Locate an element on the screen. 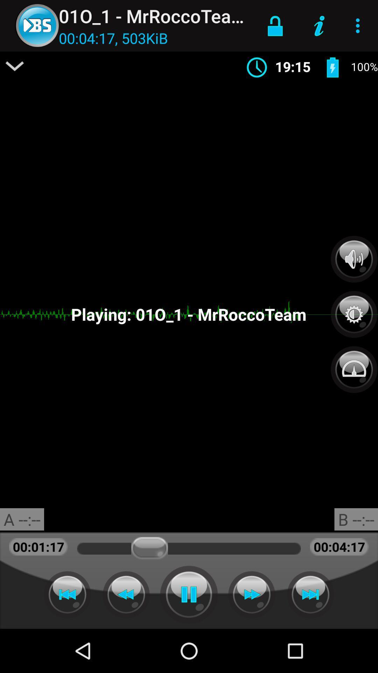  pre is located at coordinates (67, 594).